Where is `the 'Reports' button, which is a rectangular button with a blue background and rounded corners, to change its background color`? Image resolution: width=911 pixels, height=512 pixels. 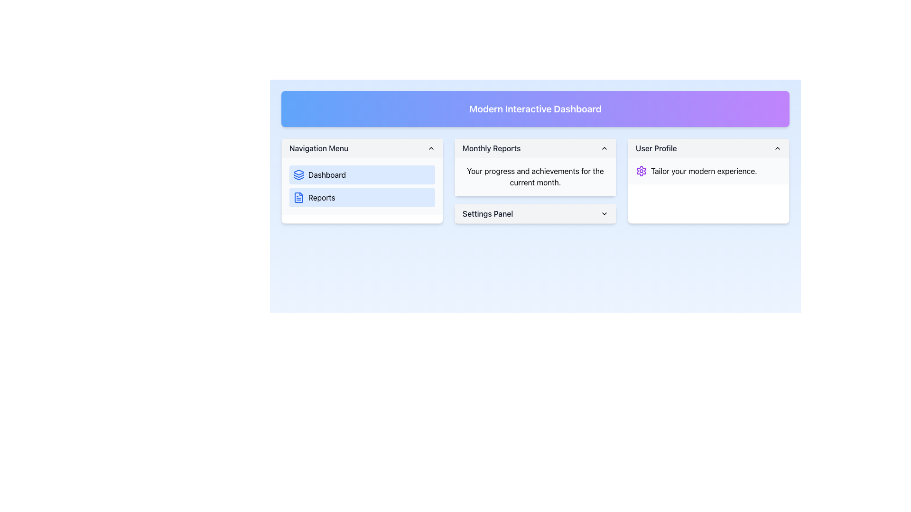 the 'Reports' button, which is a rectangular button with a blue background and rounded corners, to change its background color is located at coordinates (362, 197).